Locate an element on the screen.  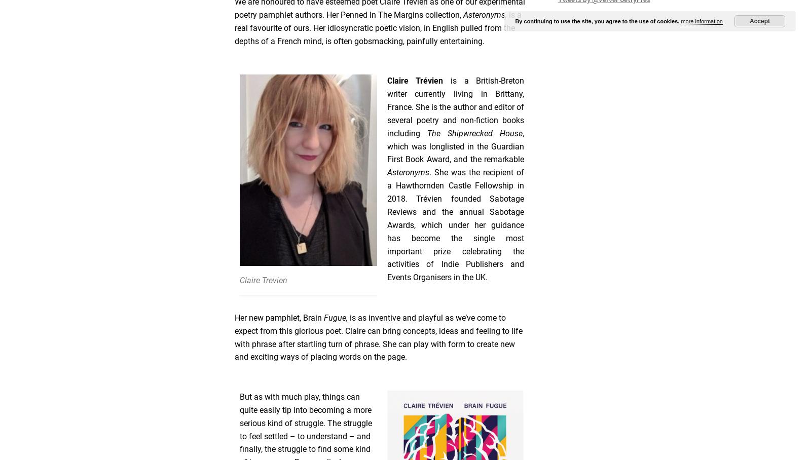
'Asteronyms,' is located at coordinates (486, 14).